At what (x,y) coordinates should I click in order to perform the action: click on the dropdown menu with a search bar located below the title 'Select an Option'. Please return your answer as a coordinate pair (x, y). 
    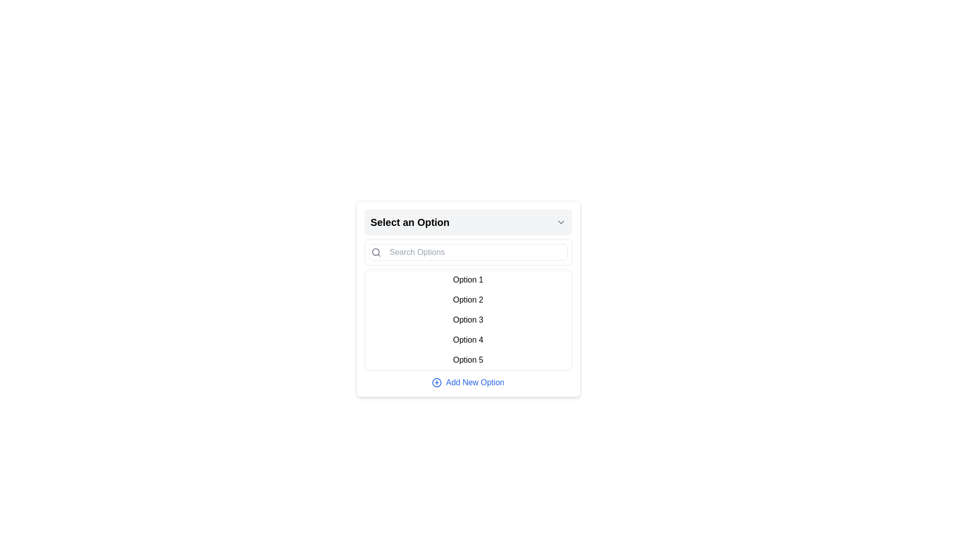
    Looking at the image, I should click on (467, 299).